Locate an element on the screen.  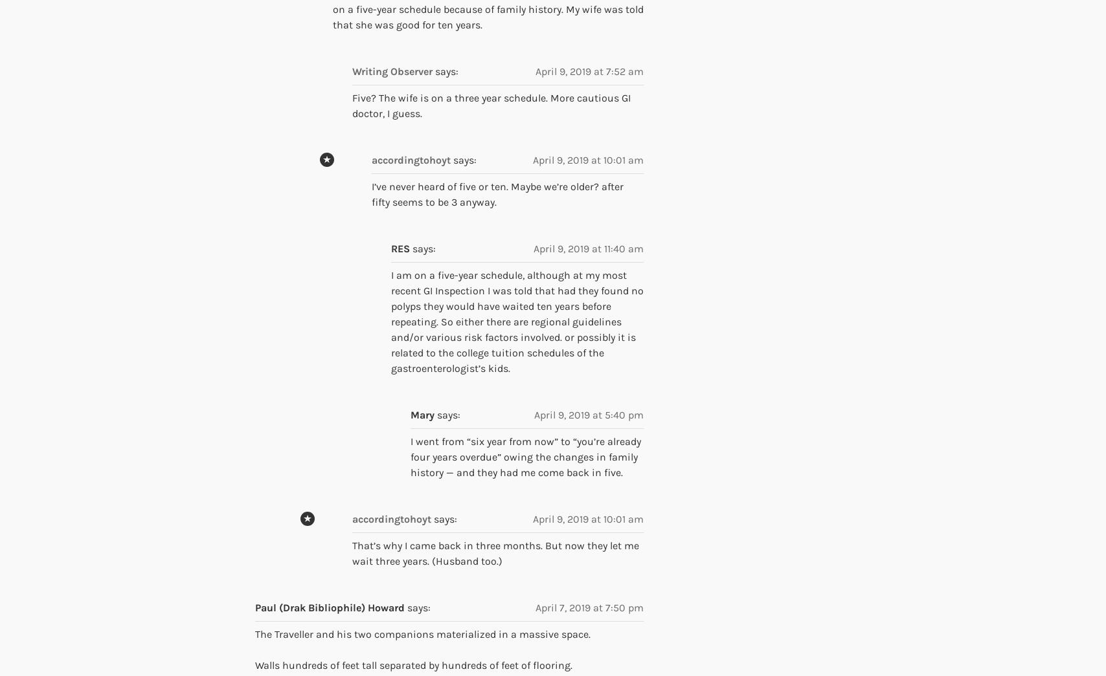
'Five? The wife is on a three year schedule. More cautious GI doctor, I guess.' is located at coordinates (491, 105).